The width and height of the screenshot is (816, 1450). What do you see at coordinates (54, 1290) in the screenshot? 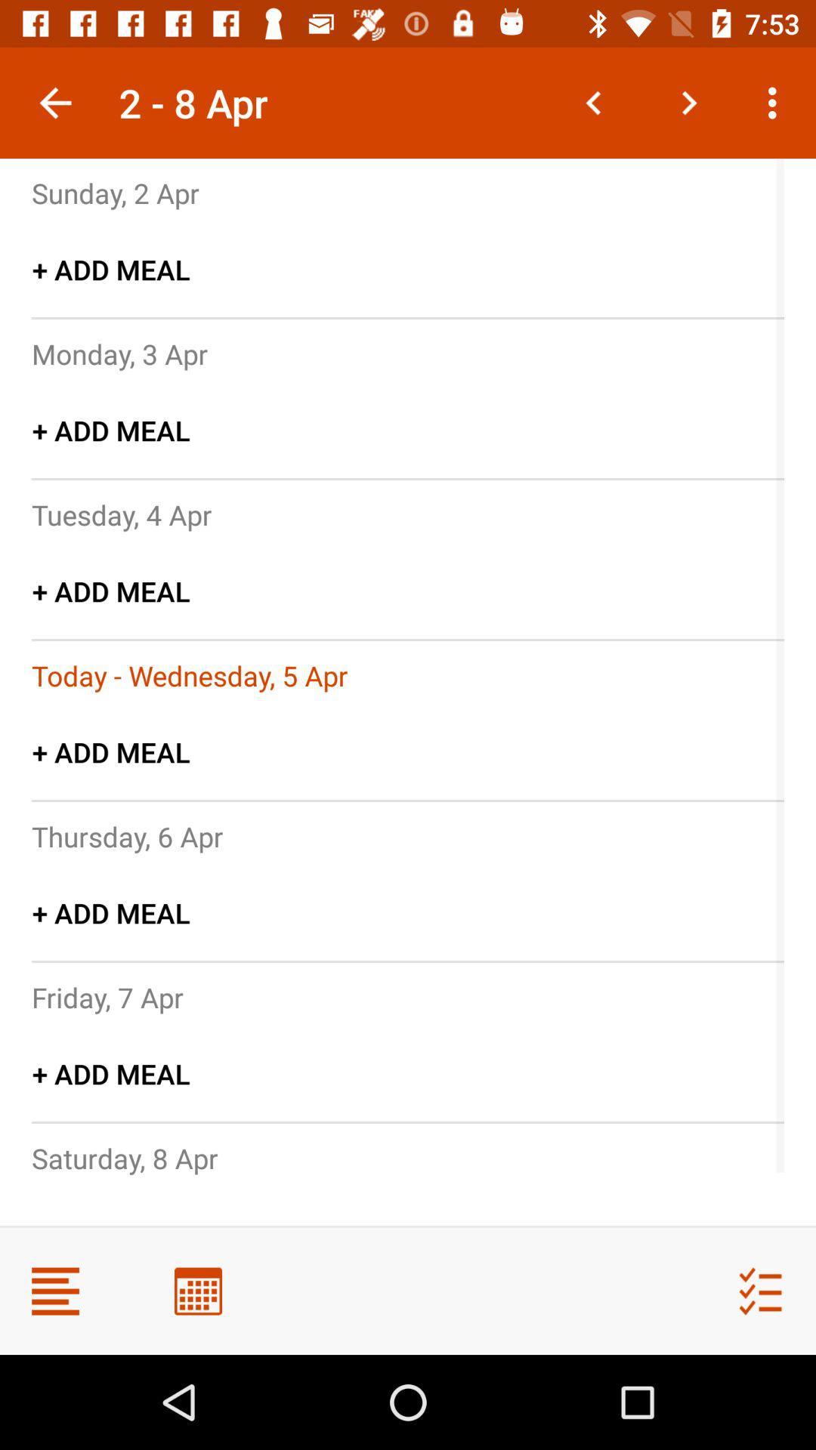
I see `more options` at bounding box center [54, 1290].